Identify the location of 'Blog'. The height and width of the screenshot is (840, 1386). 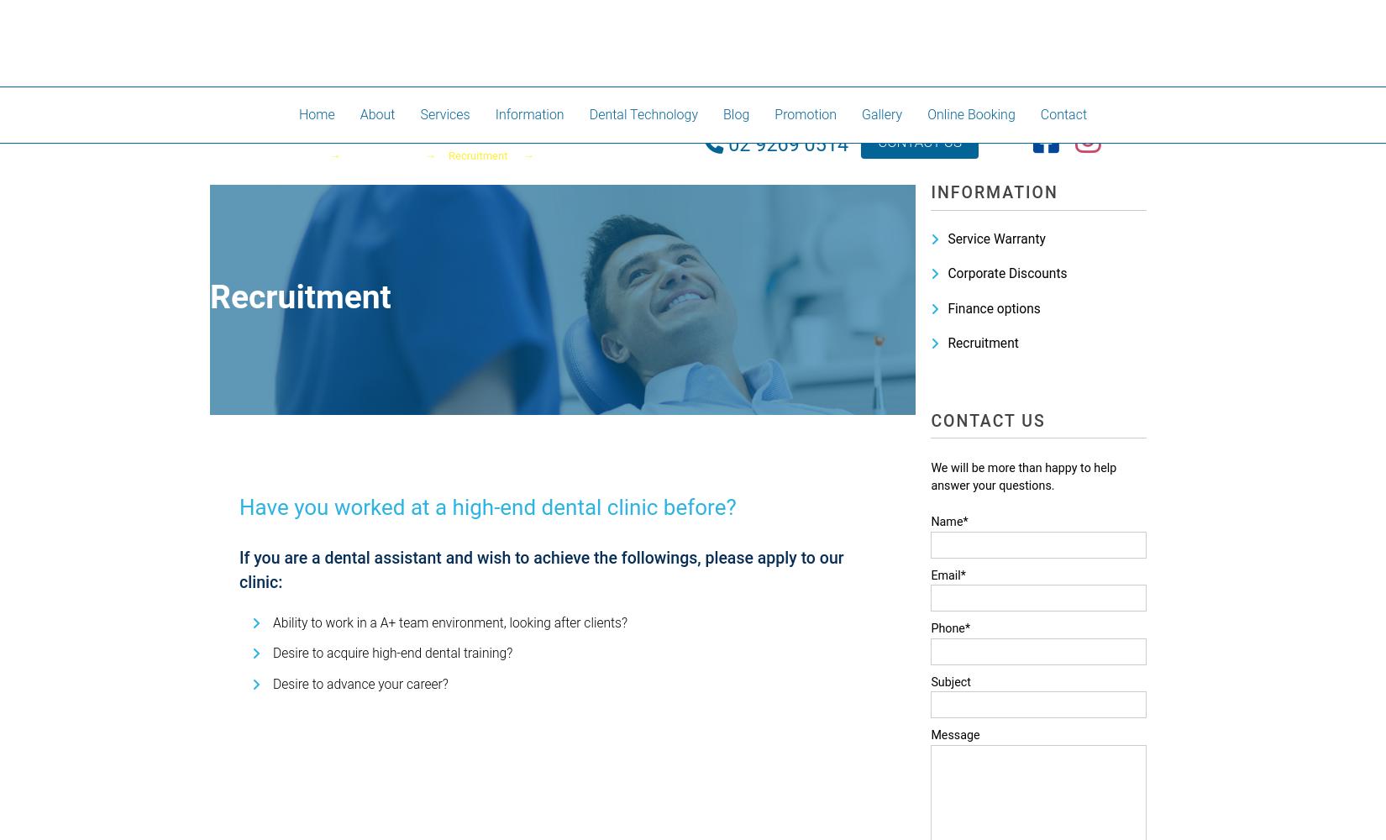
(736, 114).